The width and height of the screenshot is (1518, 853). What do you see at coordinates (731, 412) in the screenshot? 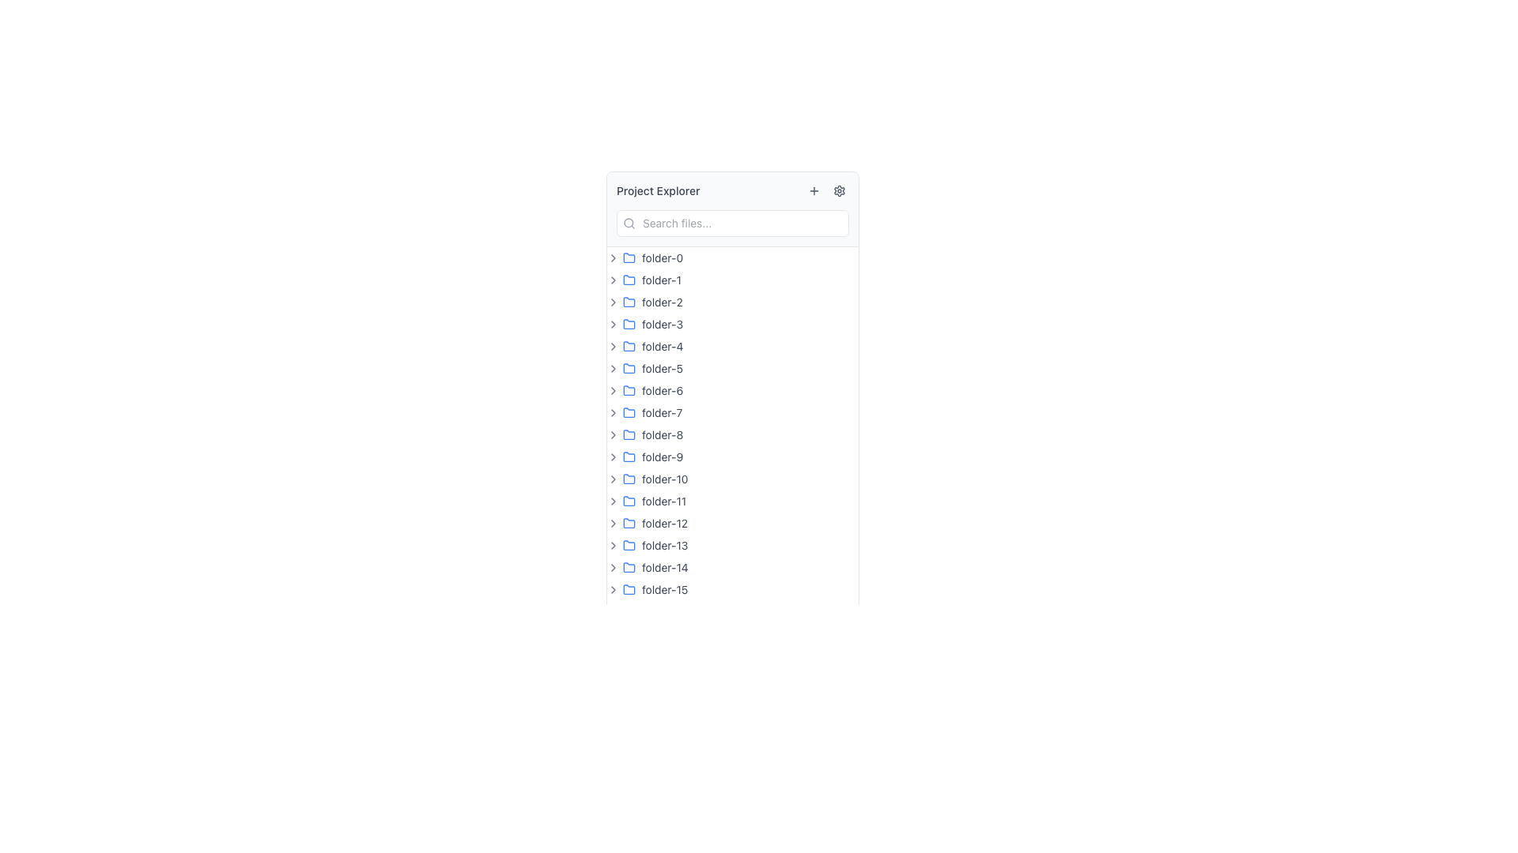
I see `the seventh folder item` at bounding box center [731, 412].